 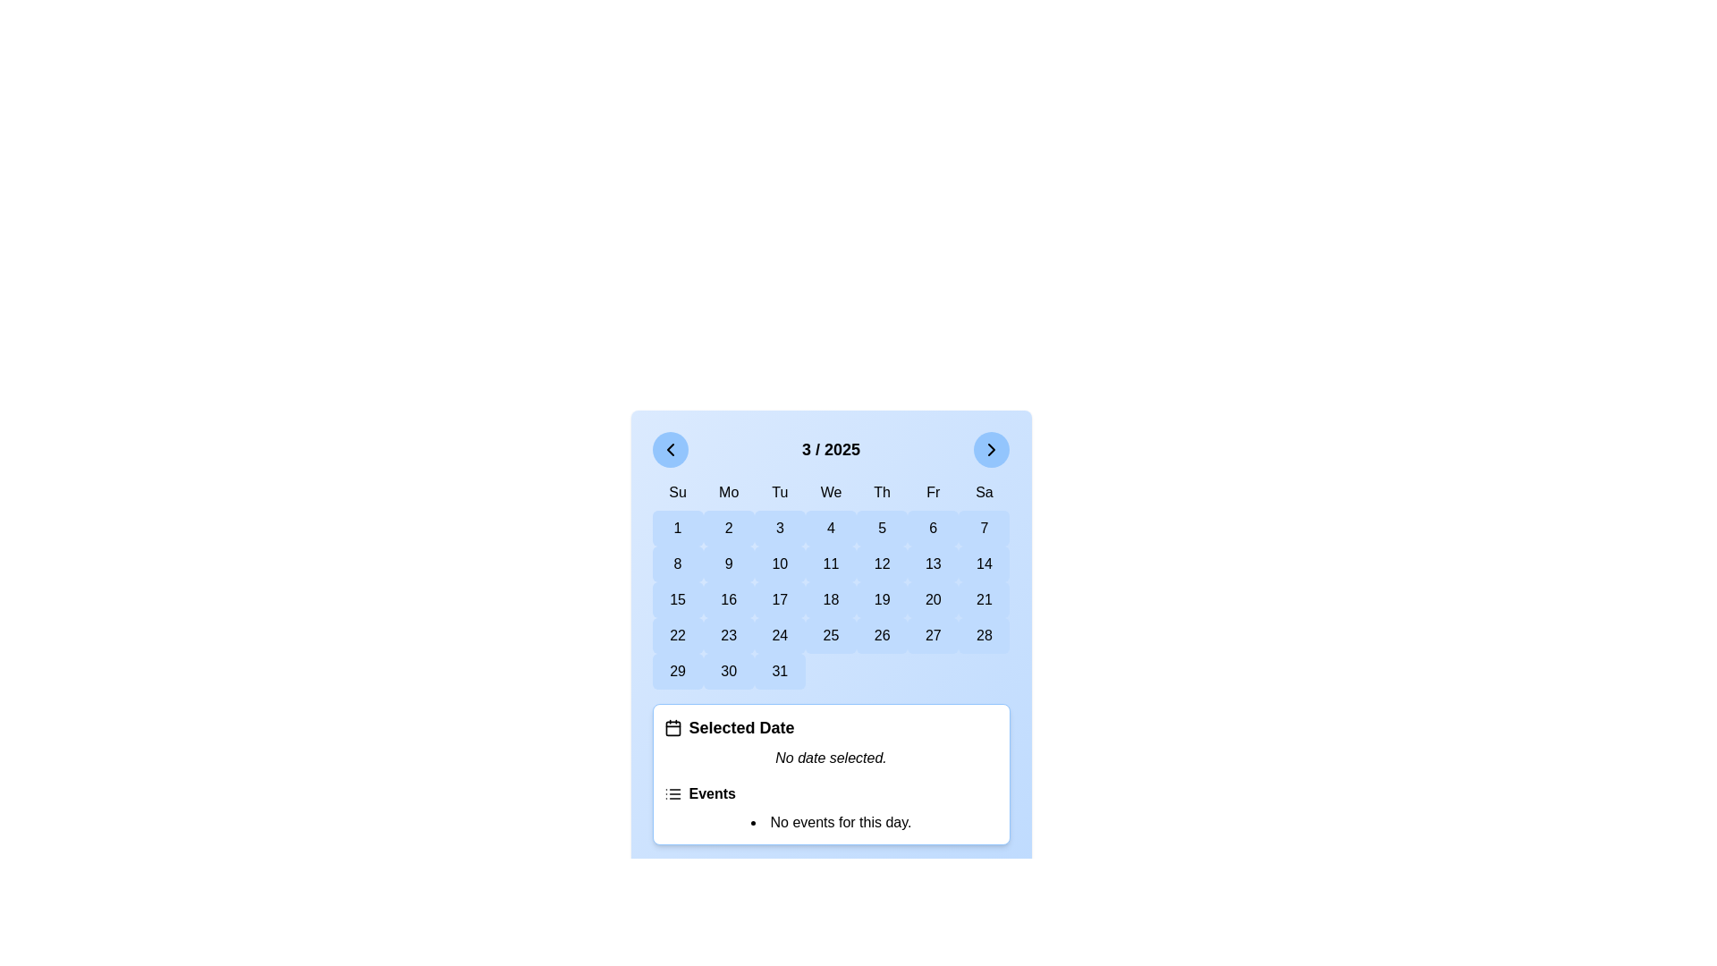 I want to click on the button representing the 8th day of March 2025 in the calendar grid under the 'Su' column, so click(x=677, y=564).